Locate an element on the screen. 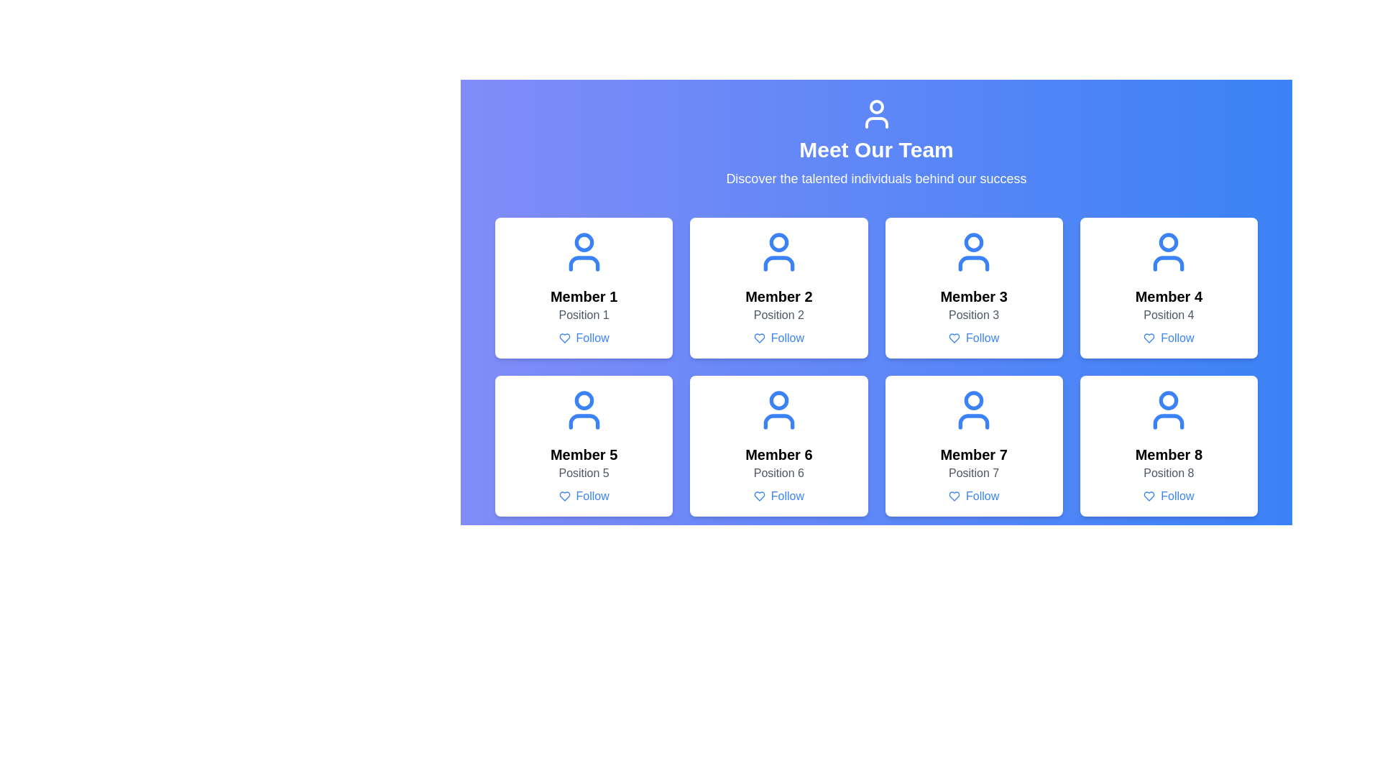 This screenshot has width=1380, height=776. the heart icon located within the card labeled 'Member 3 Position 3' to indicate a 'like' or 'favorite' action is located at coordinates (954, 338).